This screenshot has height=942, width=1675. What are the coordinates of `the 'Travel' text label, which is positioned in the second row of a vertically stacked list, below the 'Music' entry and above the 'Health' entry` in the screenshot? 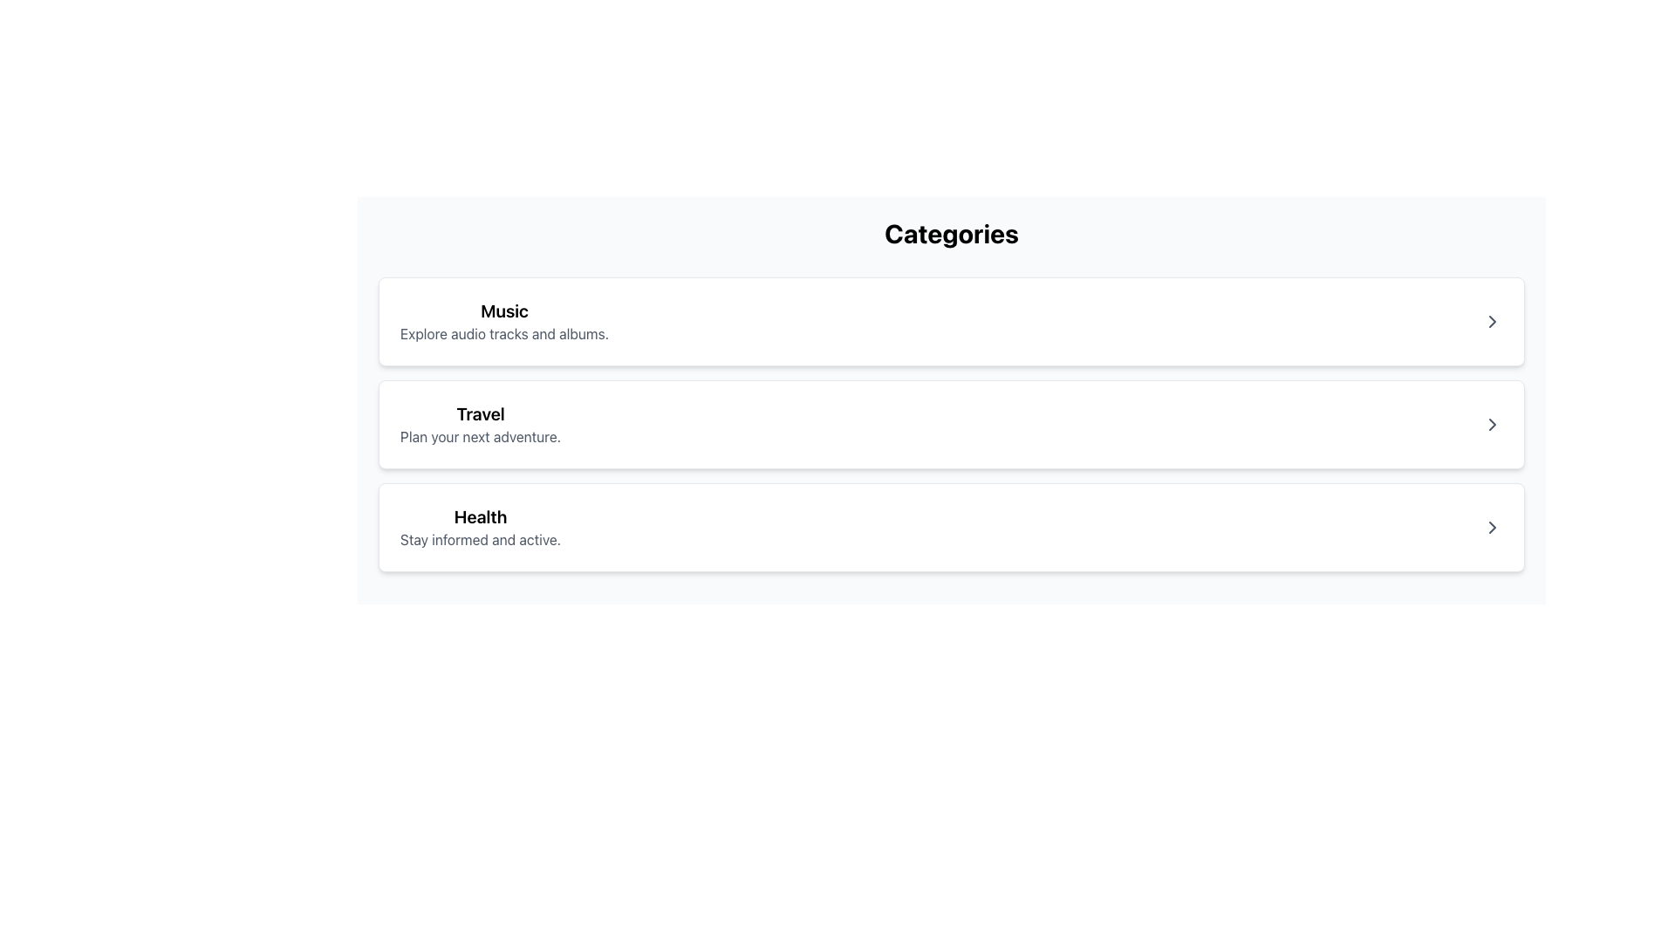 It's located at (481, 424).